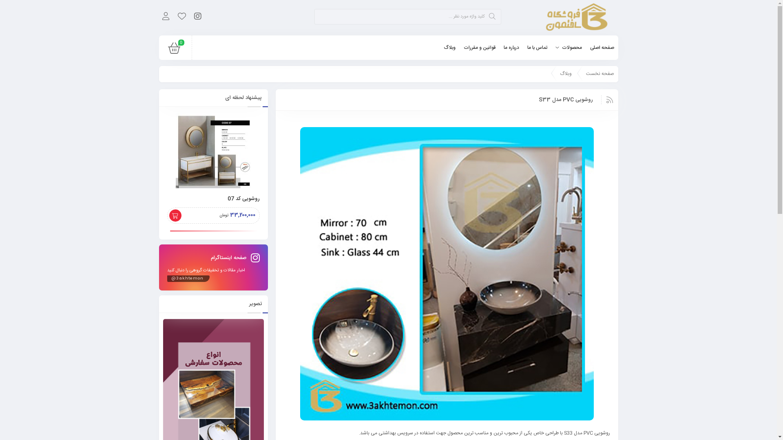 Image resolution: width=783 pixels, height=440 pixels. I want to click on '0', so click(174, 50).